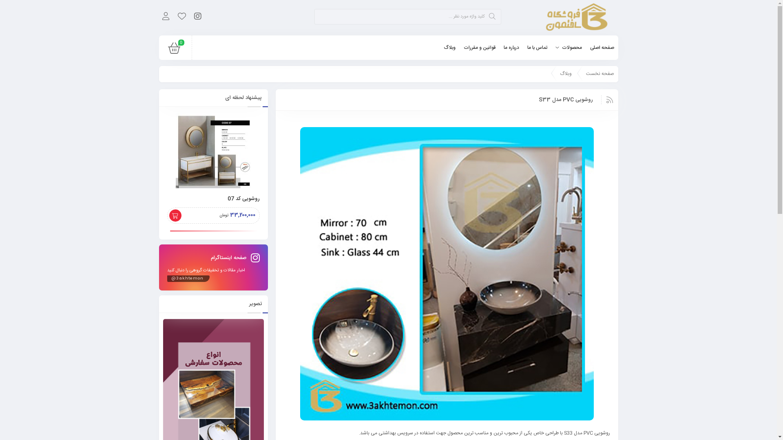 Image resolution: width=783 pixels, height=440 pixels. I want to click on '0', so click(174, 50).